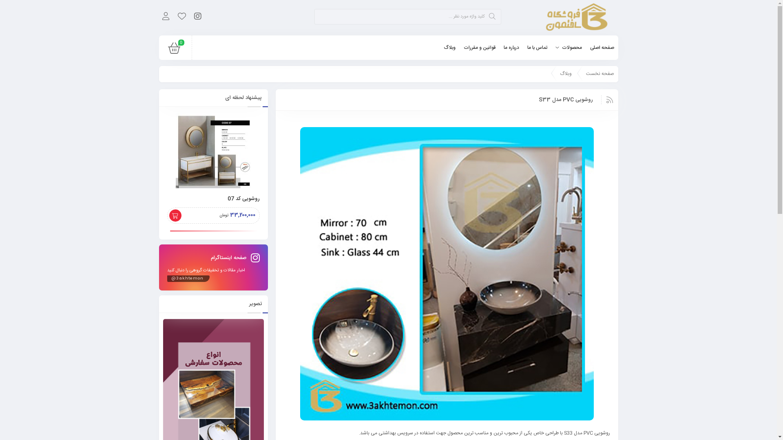 Image resolution: width=783 pixels, height=440 pixels. I want to click on '0', so click(174, 50).